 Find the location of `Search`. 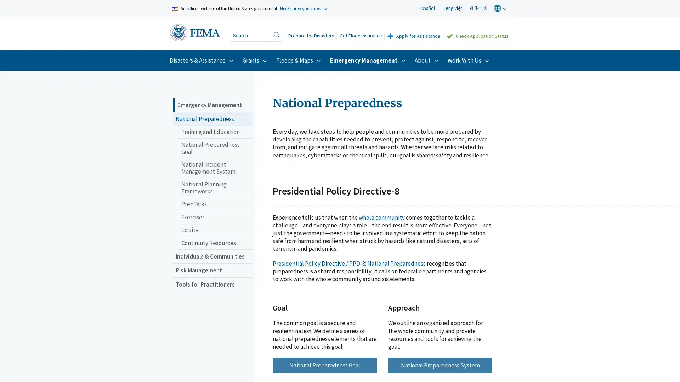

Search is located at coordinates (276, 34).